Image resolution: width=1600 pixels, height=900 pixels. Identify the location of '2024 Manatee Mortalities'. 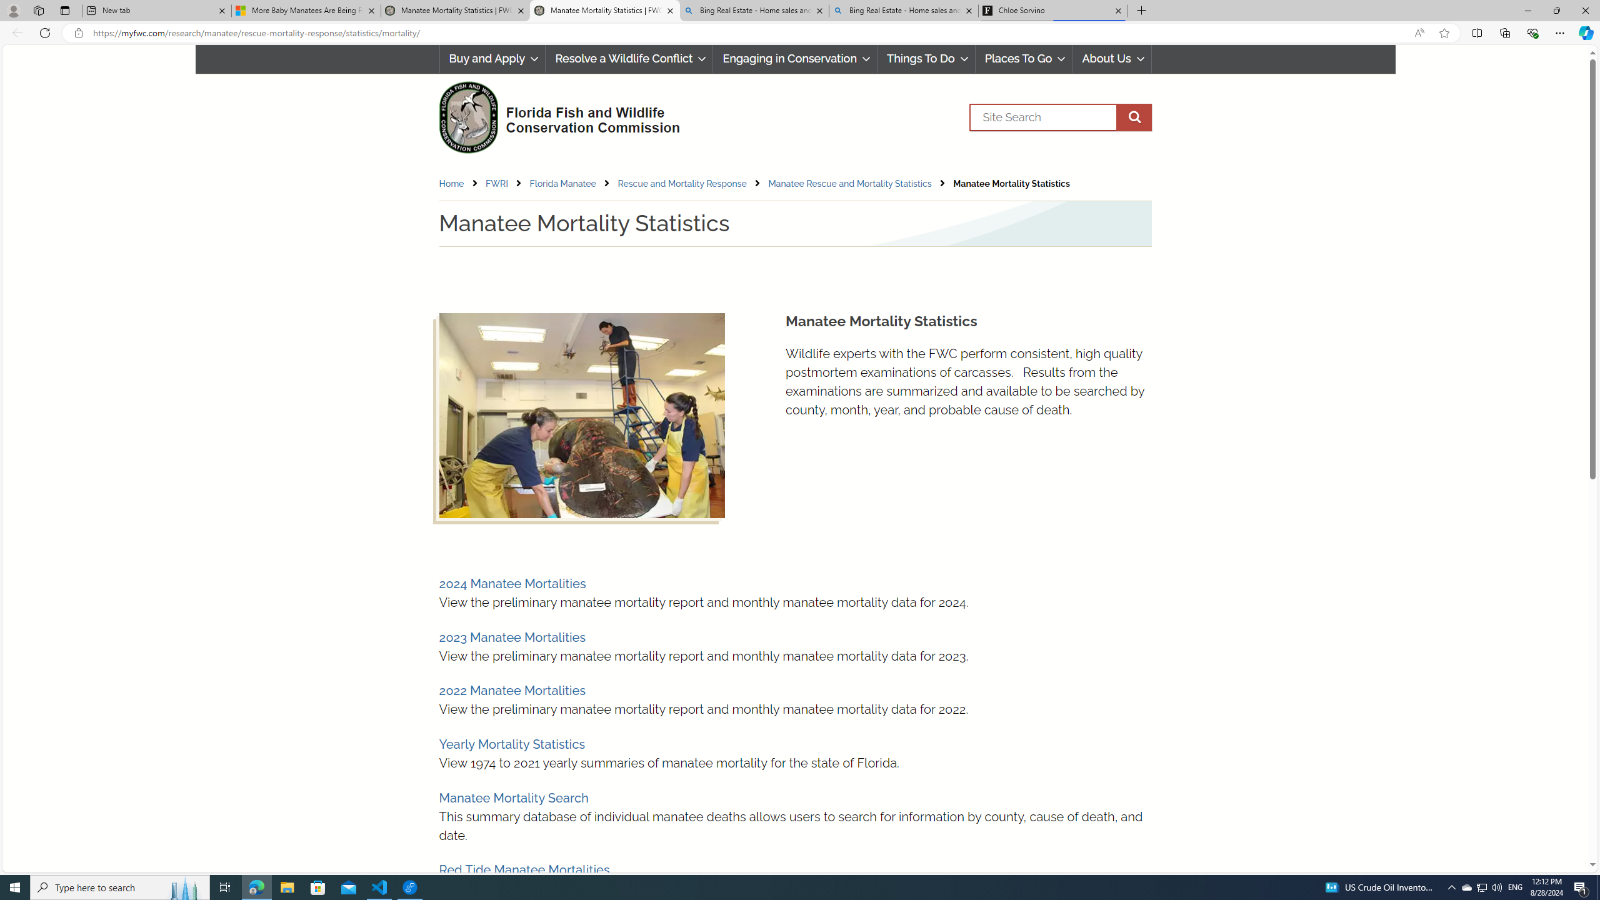
(512, 584).